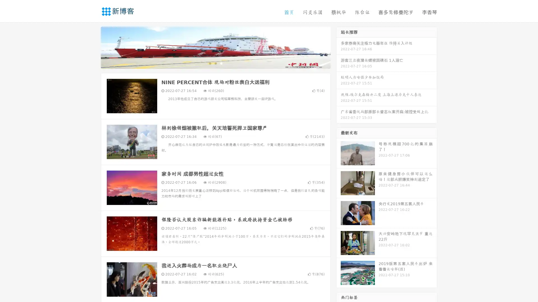 This screenshot has width=538, height=302. Describe the element at coordinates (221, 63) in the screenshot. I see `Go to slide 3` at that location.